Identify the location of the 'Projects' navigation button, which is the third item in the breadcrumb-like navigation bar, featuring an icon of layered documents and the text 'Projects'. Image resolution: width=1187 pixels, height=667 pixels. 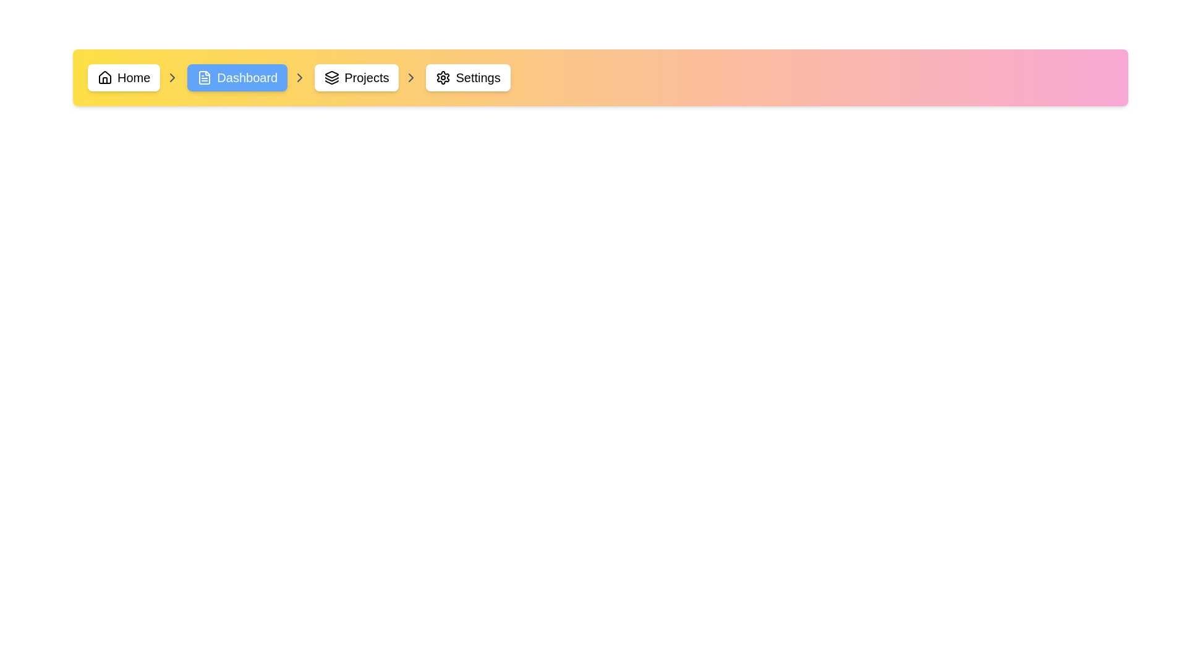
(366, 78).